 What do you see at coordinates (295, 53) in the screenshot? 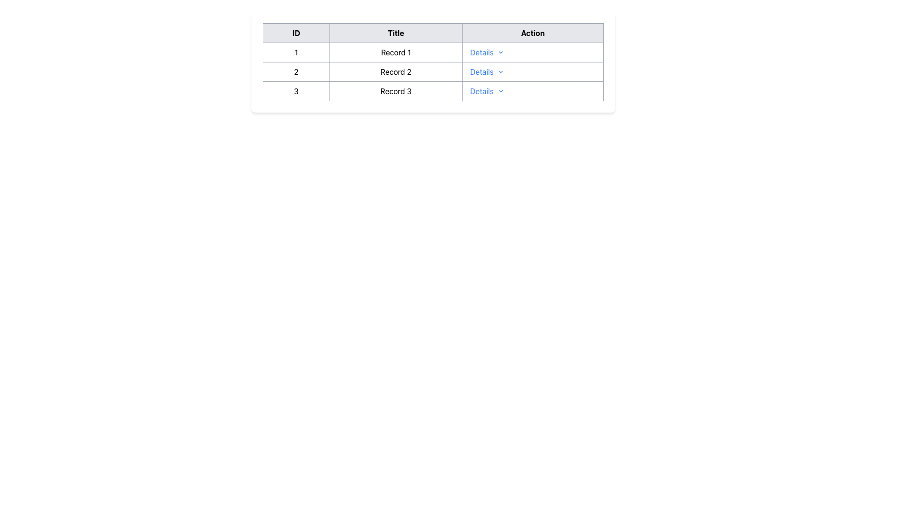
I see `the static text element displaying the number '1', which is the first column under the header 'ID' in the table` at bounding box center [295, 53].